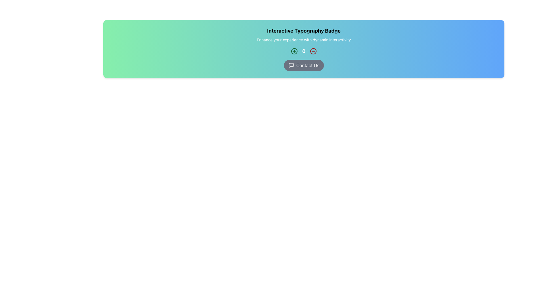 The height and width of the screenshot is (306, 545). I want to click on the first icon from the left in the three-icon group on the banner, so click(294, 51).